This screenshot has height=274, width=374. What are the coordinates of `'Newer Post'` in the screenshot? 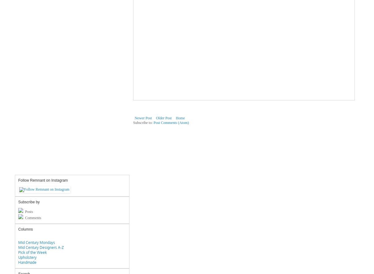 It's located at (143, 118).